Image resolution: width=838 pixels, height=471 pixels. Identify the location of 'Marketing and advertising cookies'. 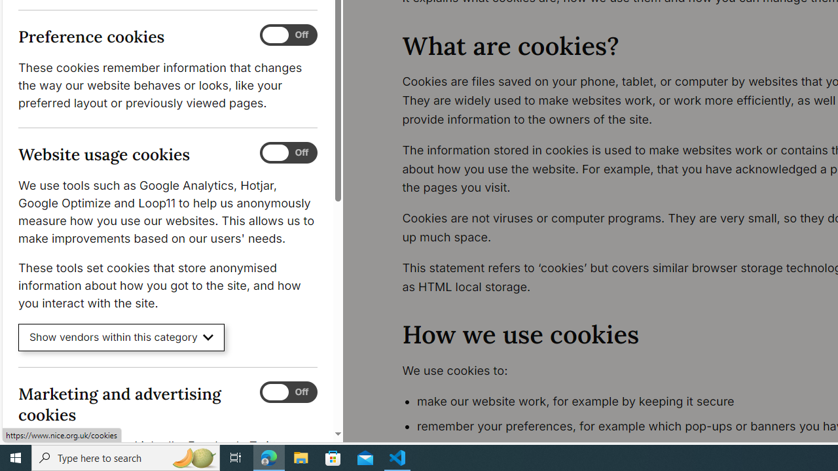
(287, 391).